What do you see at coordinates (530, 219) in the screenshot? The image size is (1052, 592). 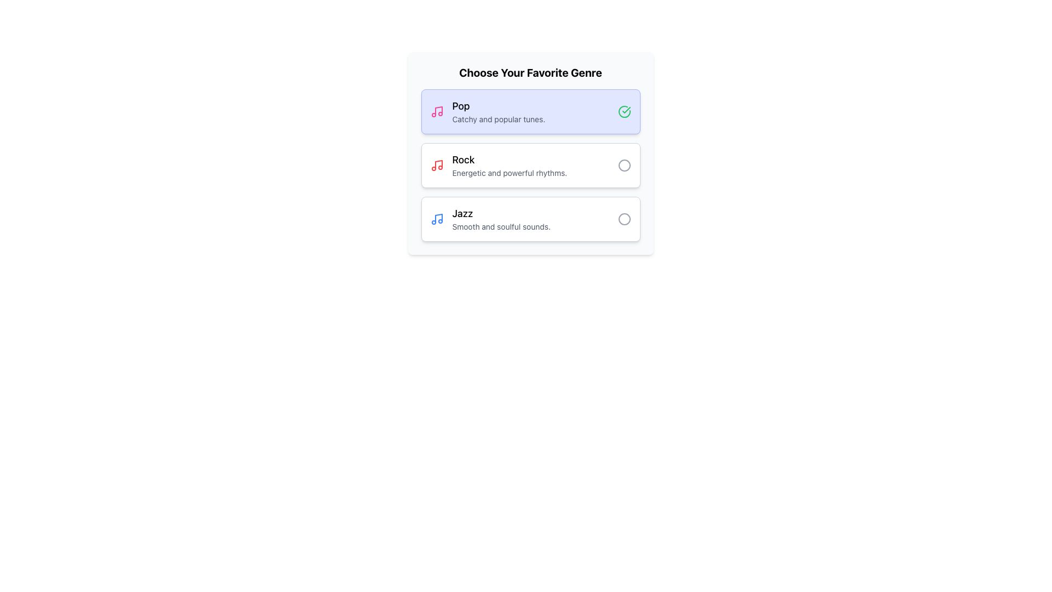 I see `the radio button on the selectable card for the 'Jazz' genre, which is the third card in a vertical list of genre selection cards` at bounding box center [530, 219].